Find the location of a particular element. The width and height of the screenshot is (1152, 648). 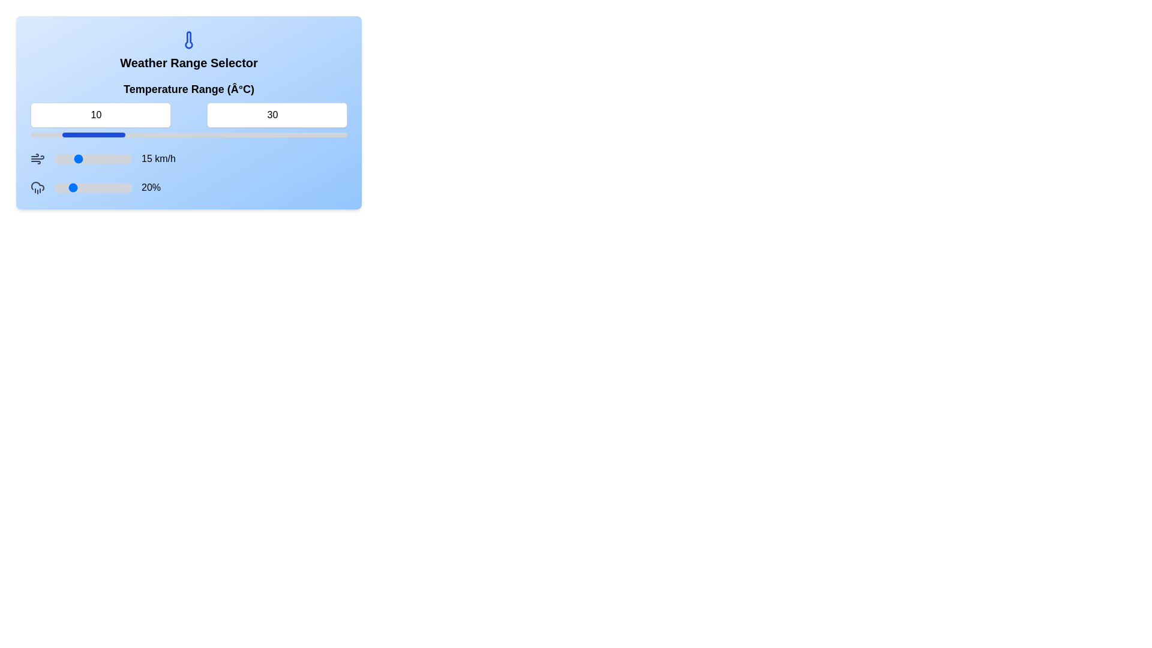

the slider is located at coordinates (96, 187).